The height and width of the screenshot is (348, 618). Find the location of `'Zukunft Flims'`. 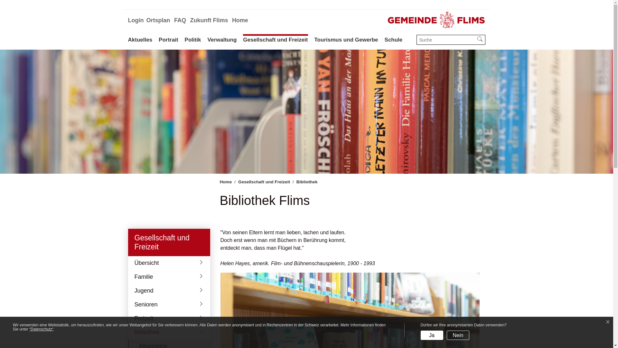

'Zukunft Flims' is located at coordinates (209, 20).